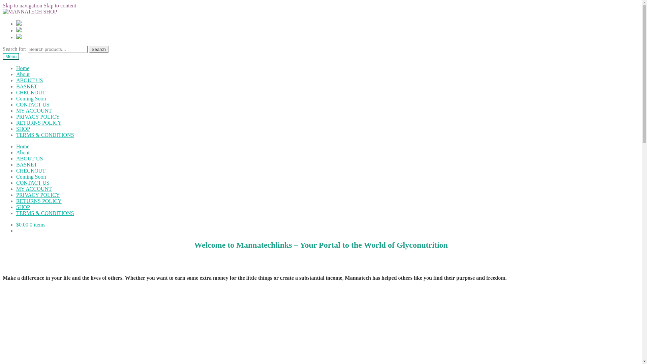 The height and width of the screenshot is (364, 647). Describe the element at coordinates (43, 5) in the screenshot. I see `'Skip to content'` at that location.